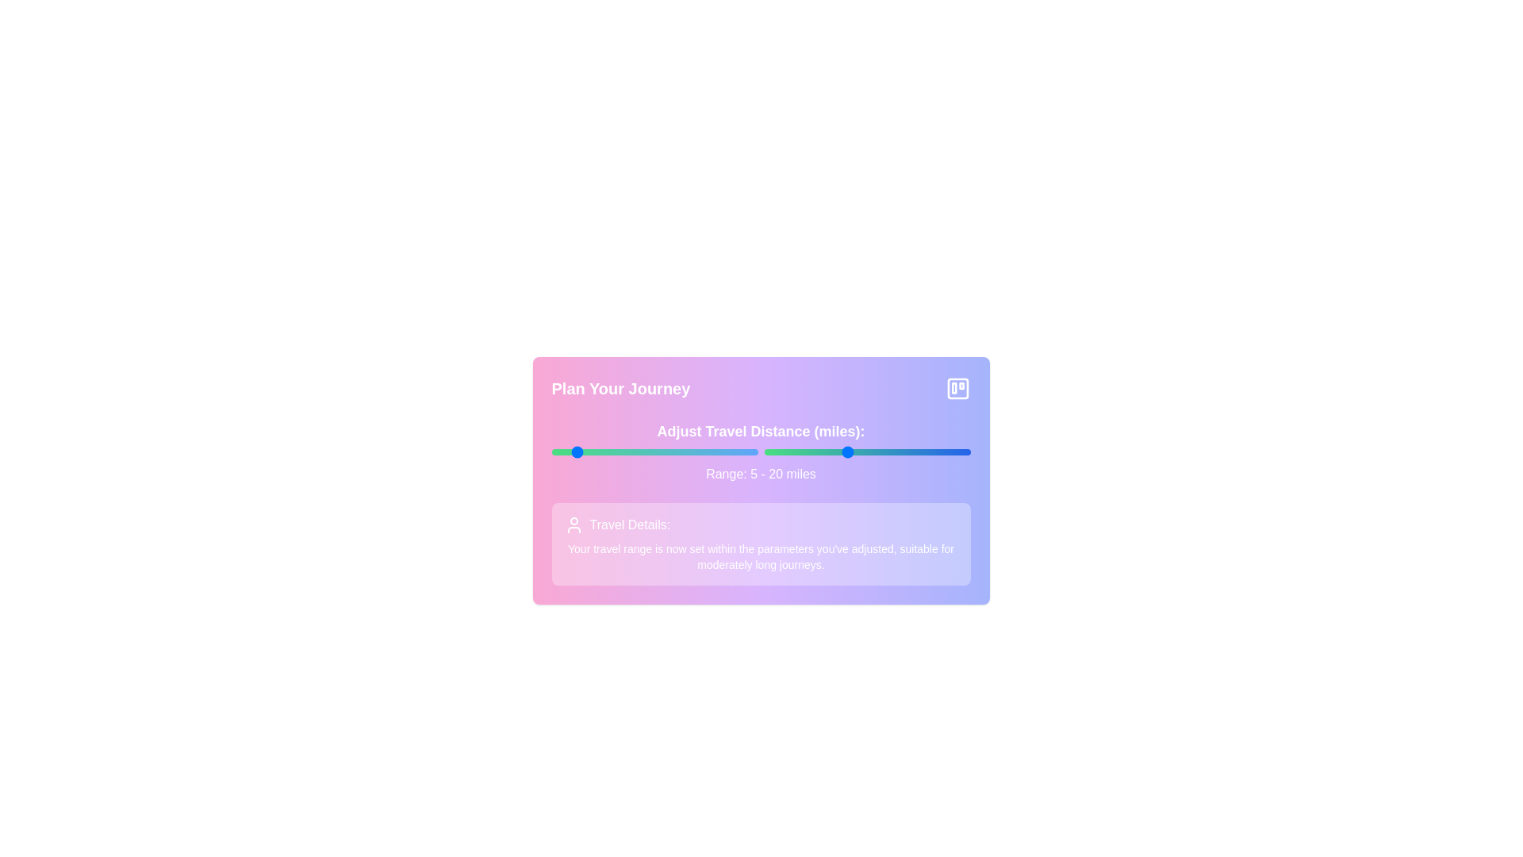 The height and width of the screenshot is (857, 1523). Describe the element at coordinates (850, 452) in the screenshot. I see `the travel distance` at that location.